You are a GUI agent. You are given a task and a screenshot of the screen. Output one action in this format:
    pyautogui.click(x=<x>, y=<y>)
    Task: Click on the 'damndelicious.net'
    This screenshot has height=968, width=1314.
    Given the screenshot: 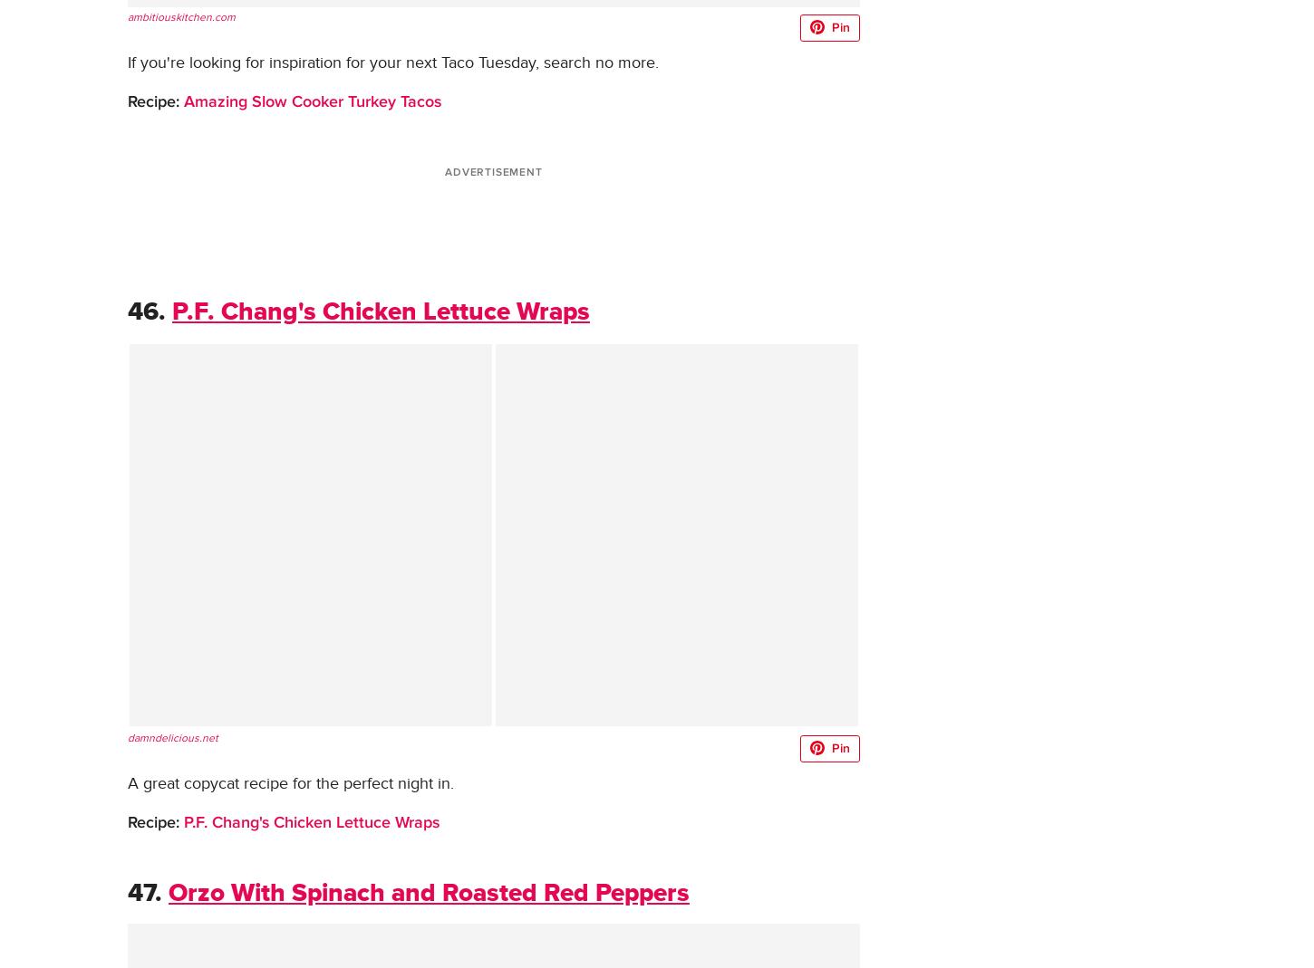 What is the action you would take?
    pyautogui.click(x=171, y=737)
    